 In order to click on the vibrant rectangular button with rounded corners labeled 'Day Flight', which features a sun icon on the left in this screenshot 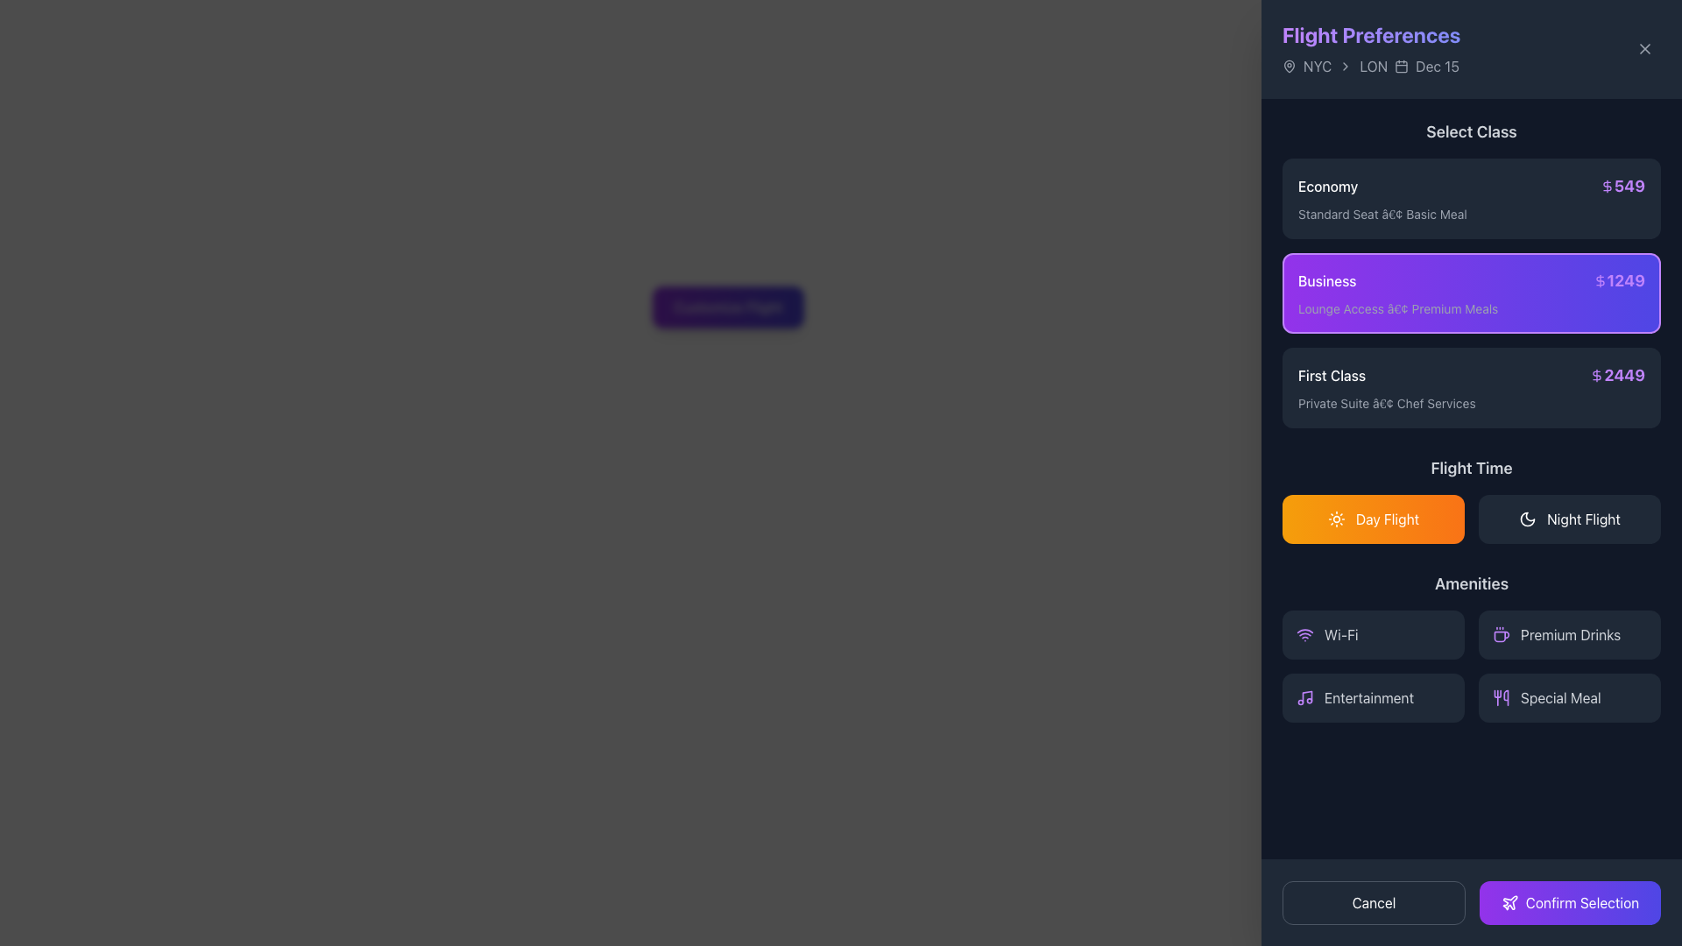, I will do `click(1373, 519)`.